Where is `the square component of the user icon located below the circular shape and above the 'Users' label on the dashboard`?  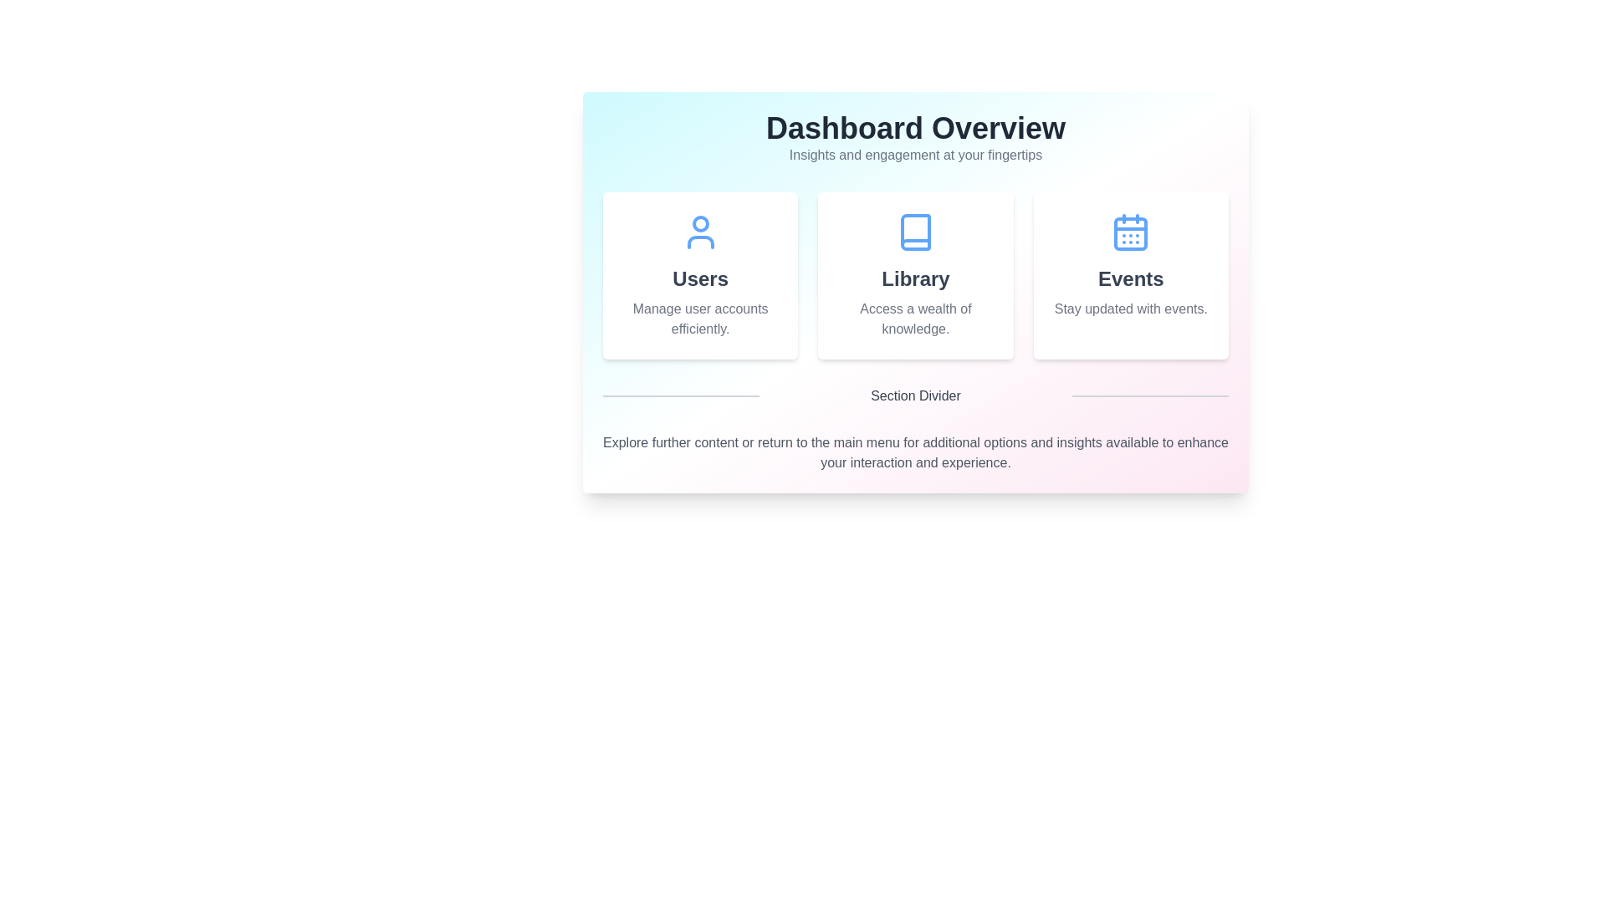 the square component of the user icon located below the circular shape and above the 'Users' label on the dashboard is located at coordinates (700, 242).